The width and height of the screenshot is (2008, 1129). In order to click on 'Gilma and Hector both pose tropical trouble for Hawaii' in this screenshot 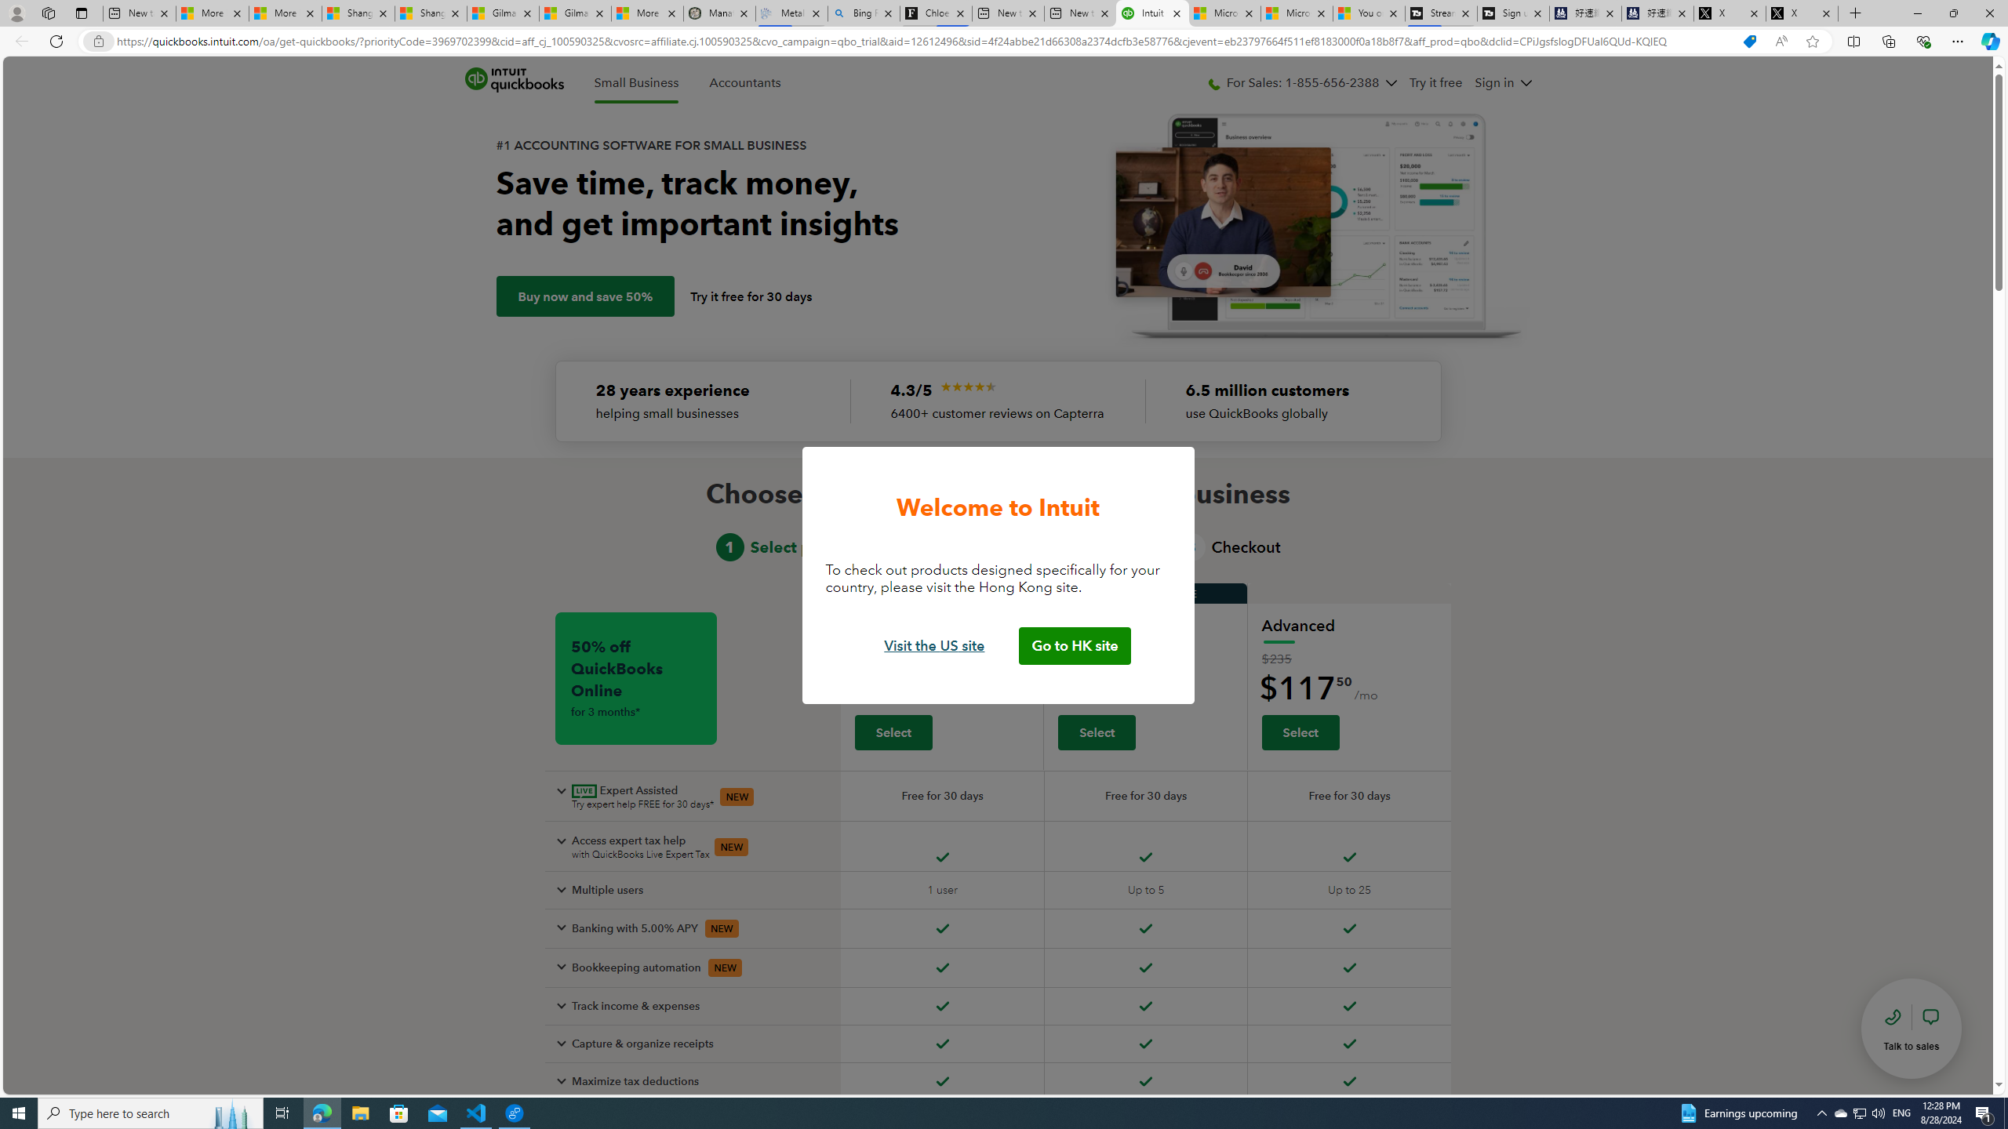, I will do `click(575, 13)`.